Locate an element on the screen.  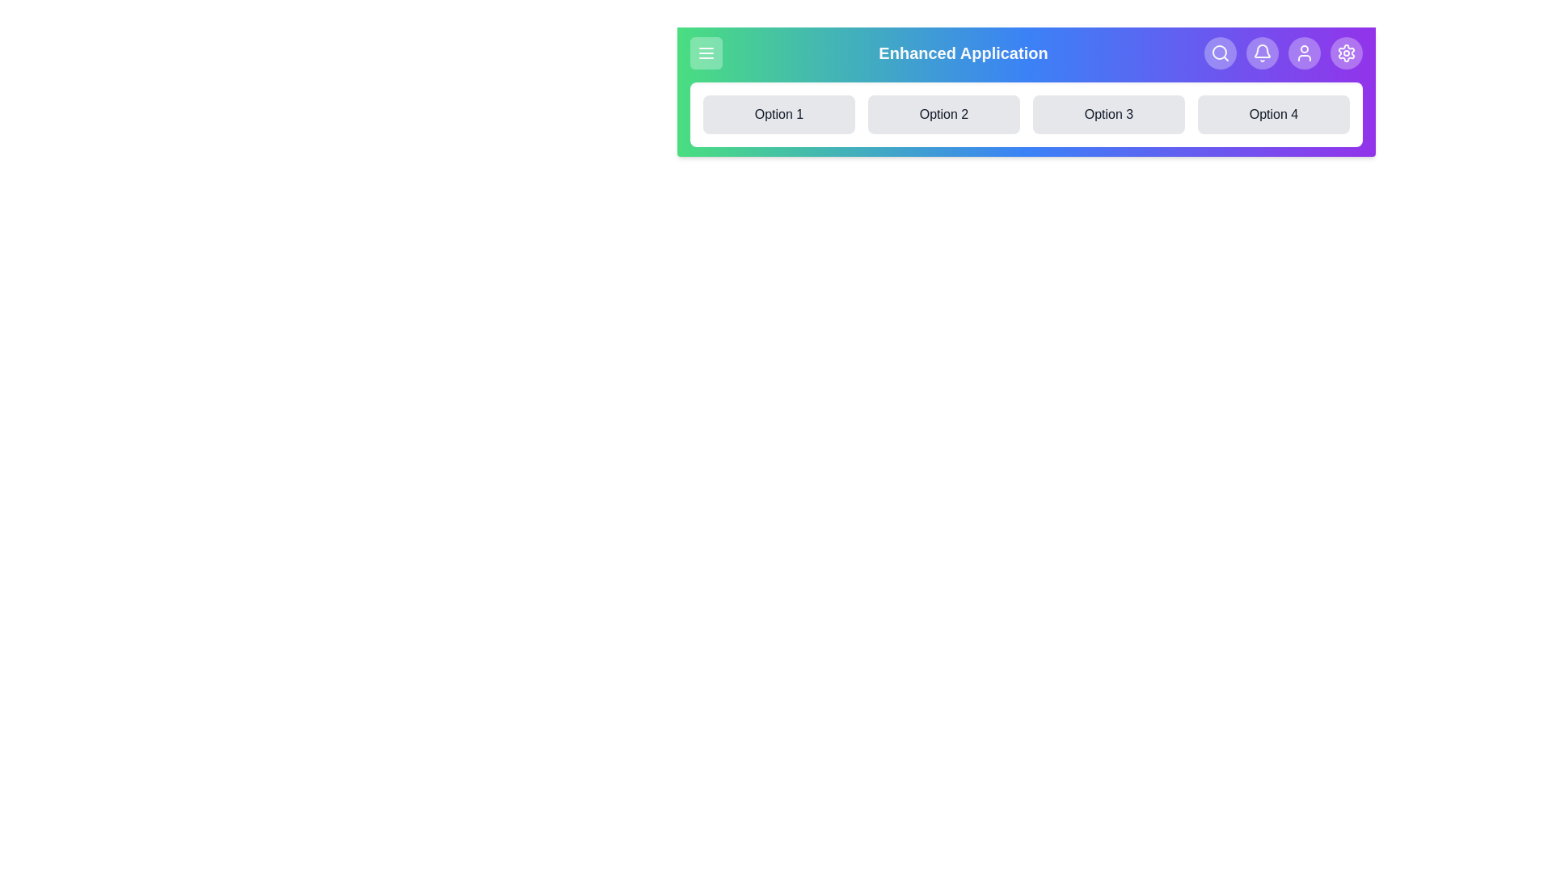
the Settings button in the navigation bar is located at coordinates (1346, 52).